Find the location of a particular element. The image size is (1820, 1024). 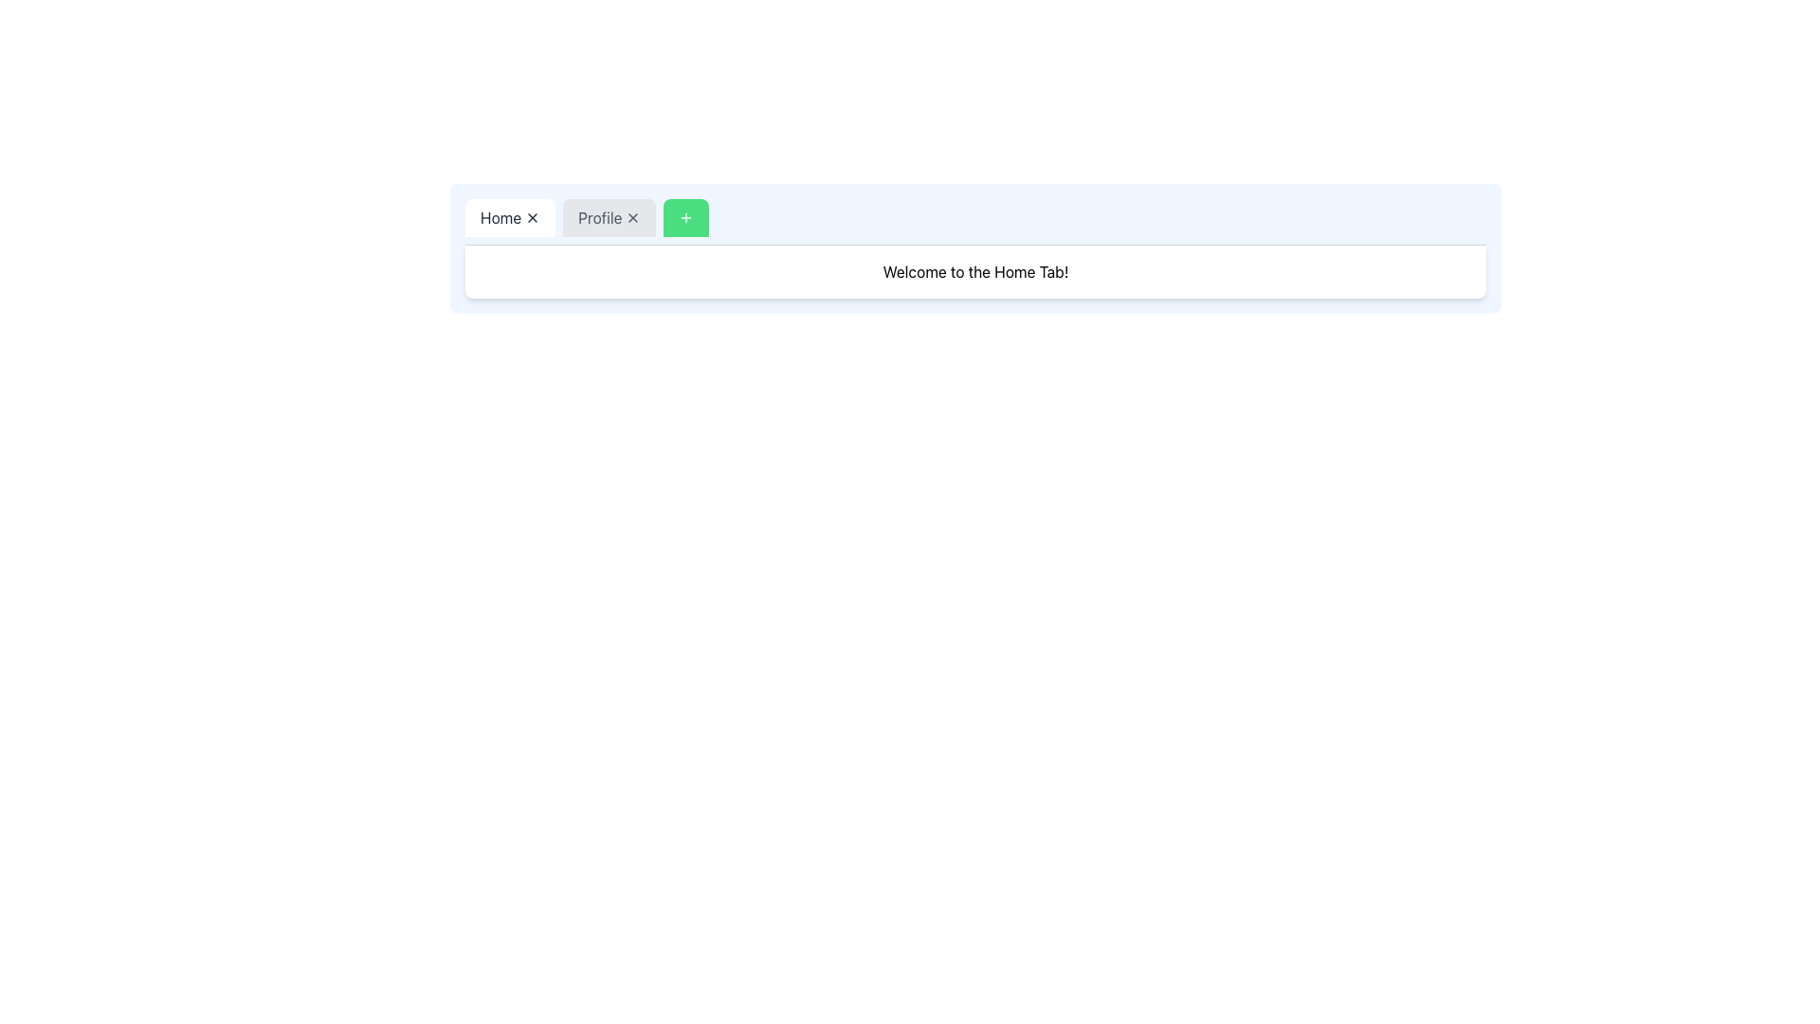

the Tab Bar to trigger a visual effect, which is designed for navigation between 'Home' and 'Profile' sections is located at coordinates (975, 221).